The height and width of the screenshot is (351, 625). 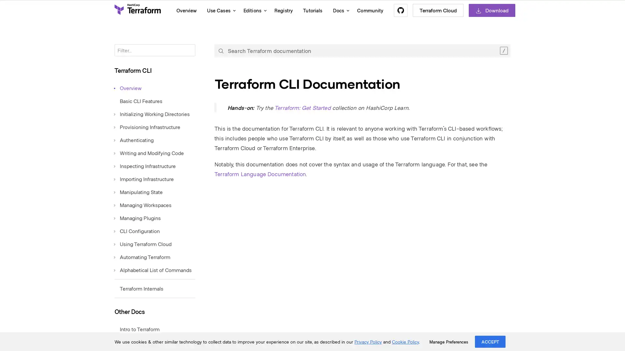 I want to click on Inspecting Infrastructure, so click(x=145, y=165).